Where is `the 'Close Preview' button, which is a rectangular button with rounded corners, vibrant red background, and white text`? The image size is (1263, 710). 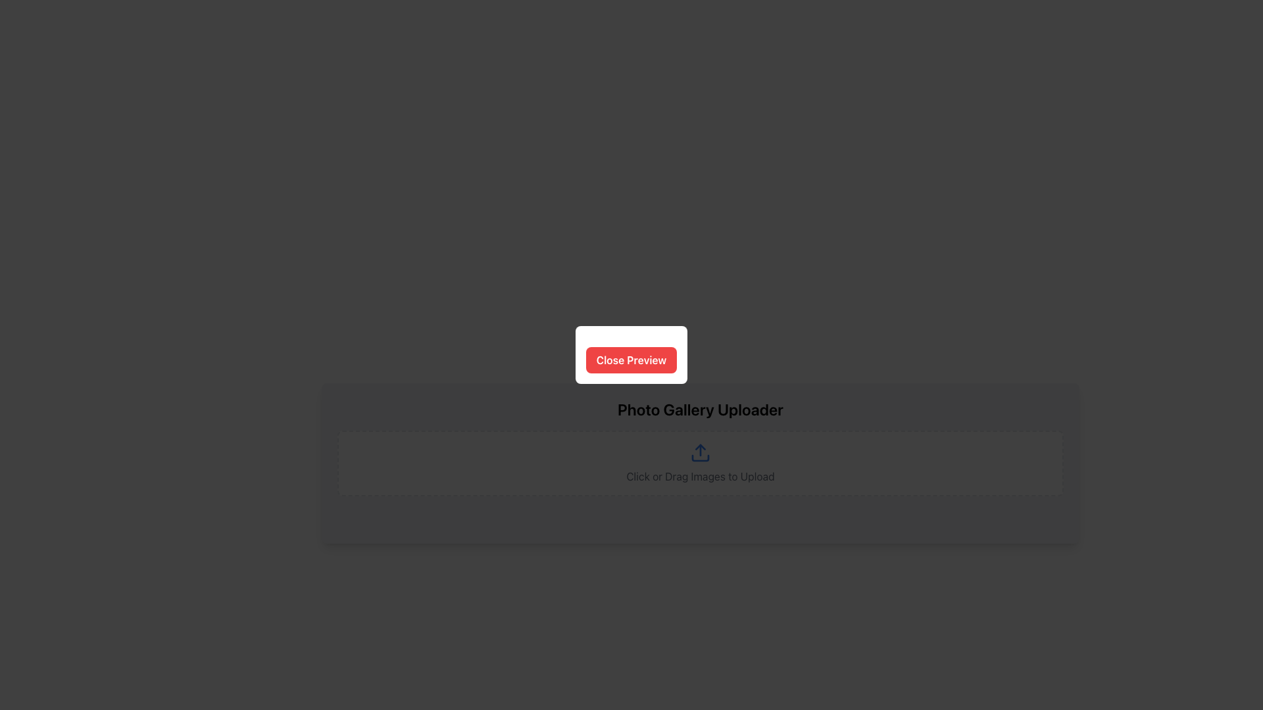 the 'Close Preview' button, which is a rectangular button with rounded corners, vibrant red background, and white text is located at coordinates (631, 360).